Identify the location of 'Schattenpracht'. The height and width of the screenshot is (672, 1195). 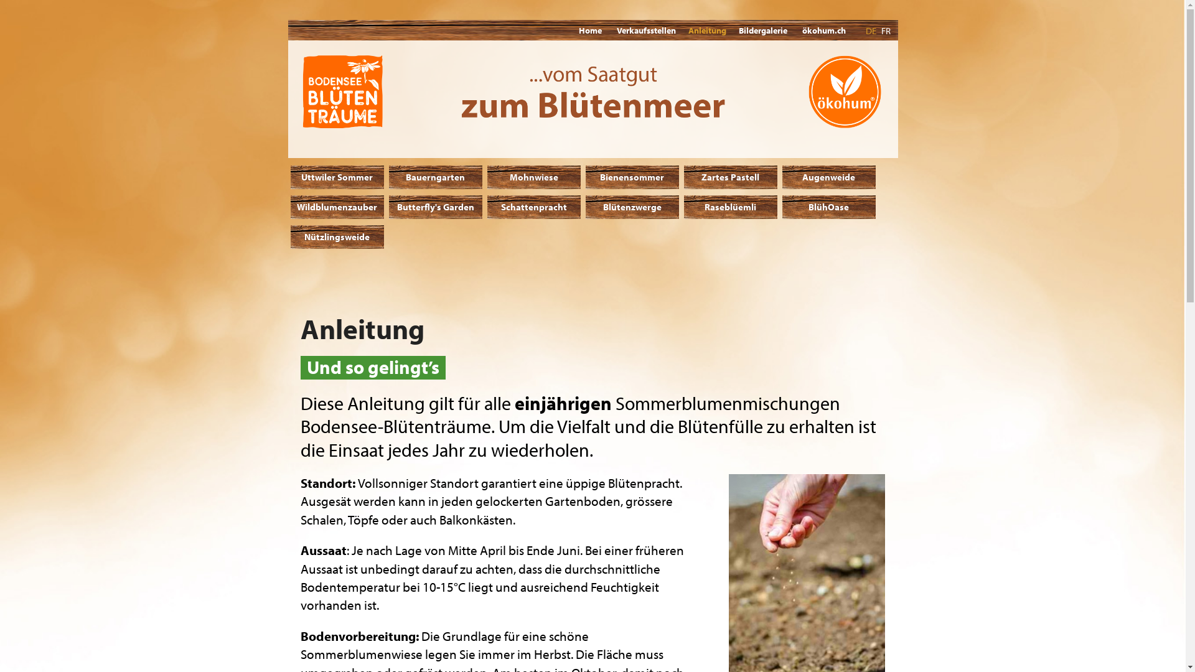
(533, 206).